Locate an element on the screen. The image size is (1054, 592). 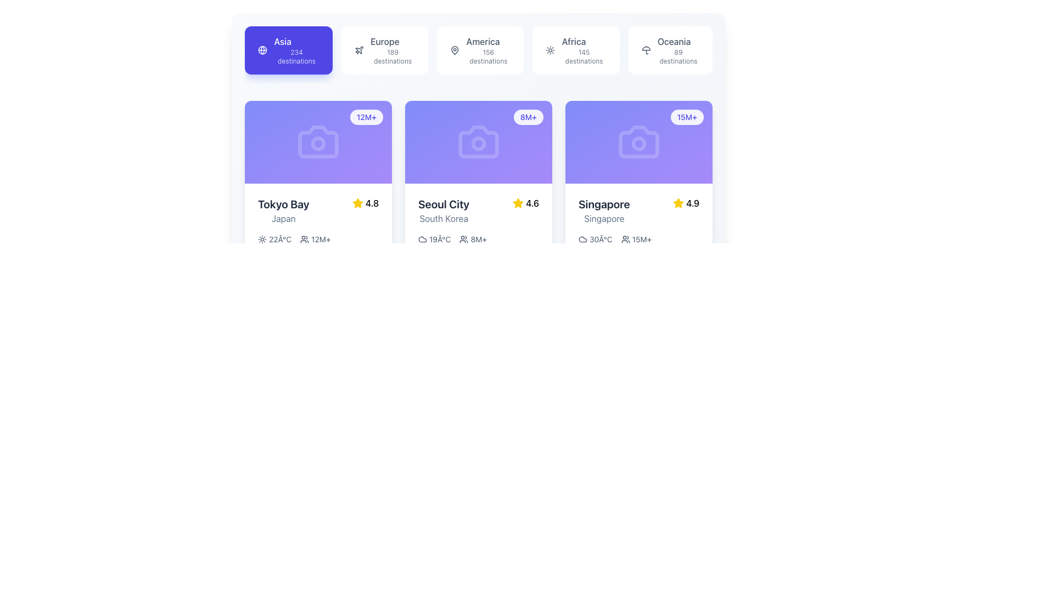
the static text label displaying '145 destinations' located below the bold title 'Africa' in the Africa card within the horizontal carousel of region cards is located at coordinates (584, 57).